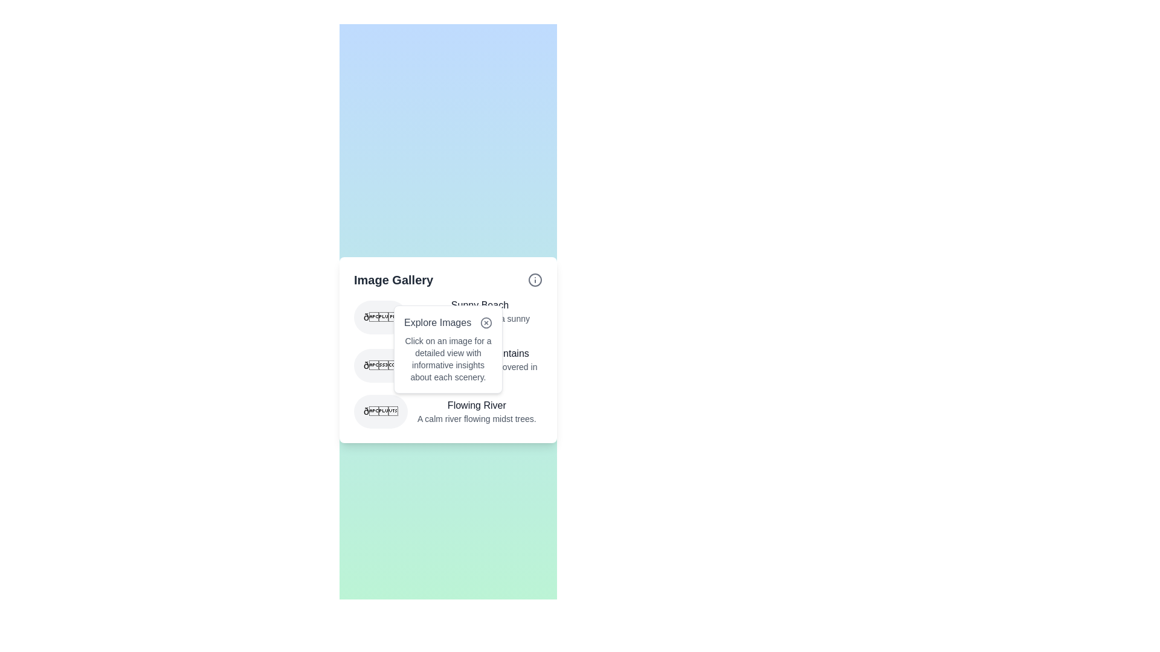 This screenshot has height=652, width=1160. Describe the element at coordinates (437, 322) in the screenshot. I see `the 'Explore Images' text label, which is displayed in a medium-weight font and dark gray color within the 'Image Gallery' card panel` at that location.